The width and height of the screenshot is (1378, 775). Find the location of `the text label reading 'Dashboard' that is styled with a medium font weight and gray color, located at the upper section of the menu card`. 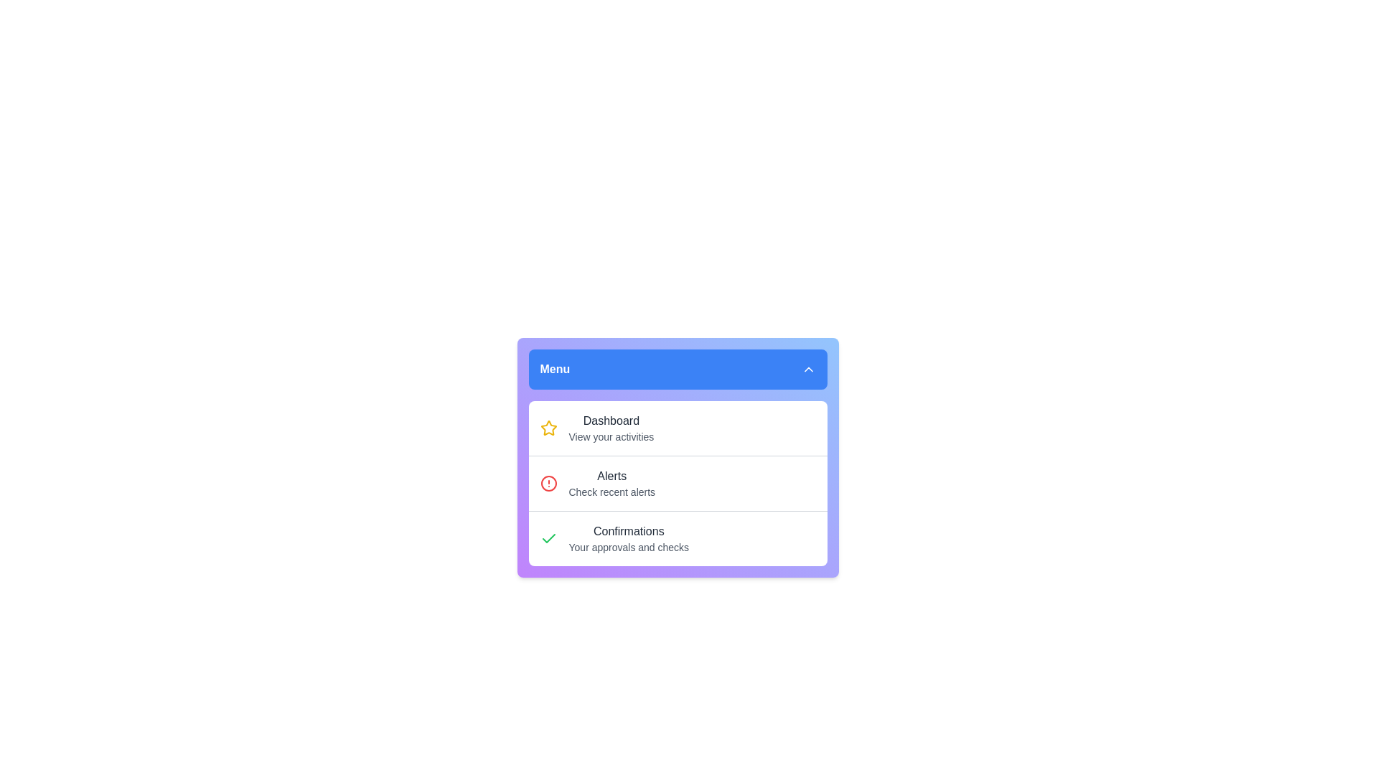

the text label reading 'Dashboard' that is styled with a medium font weight and gray color, located at the upper section of the menu card is located at coordinates (611, 420).